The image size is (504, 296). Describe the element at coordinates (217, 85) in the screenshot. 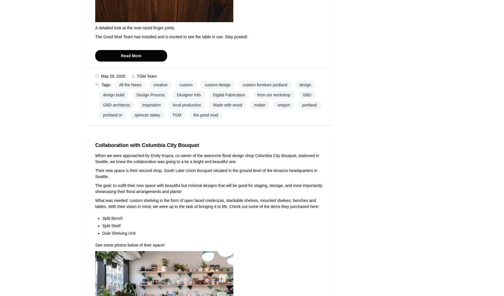

I see `'custom design'` at that location.